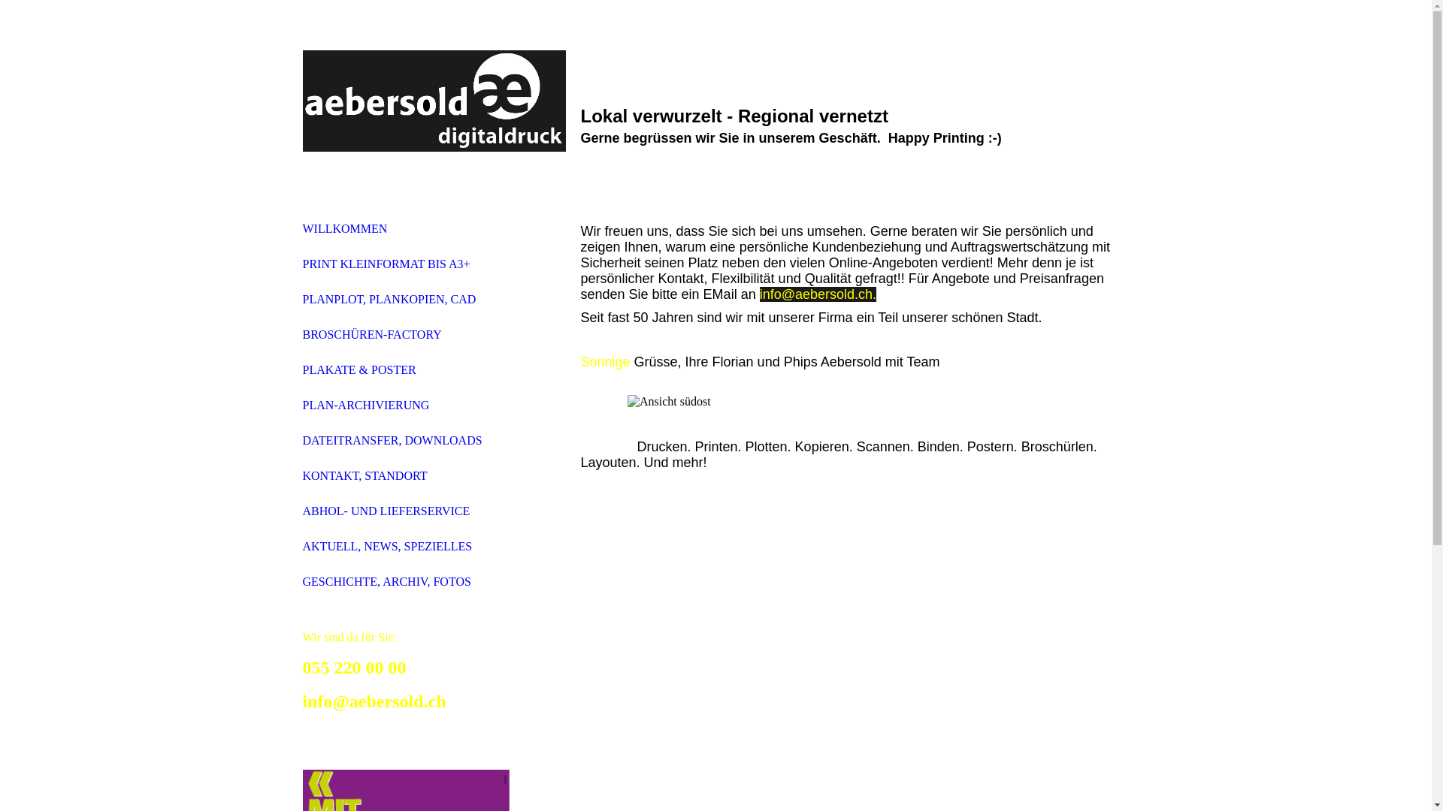  What do you see at coordinates (386, 263) in the screenshot?
I see `'PRINT KLEINFORMAT BIS A3+'` at bounding box center [386, 263].